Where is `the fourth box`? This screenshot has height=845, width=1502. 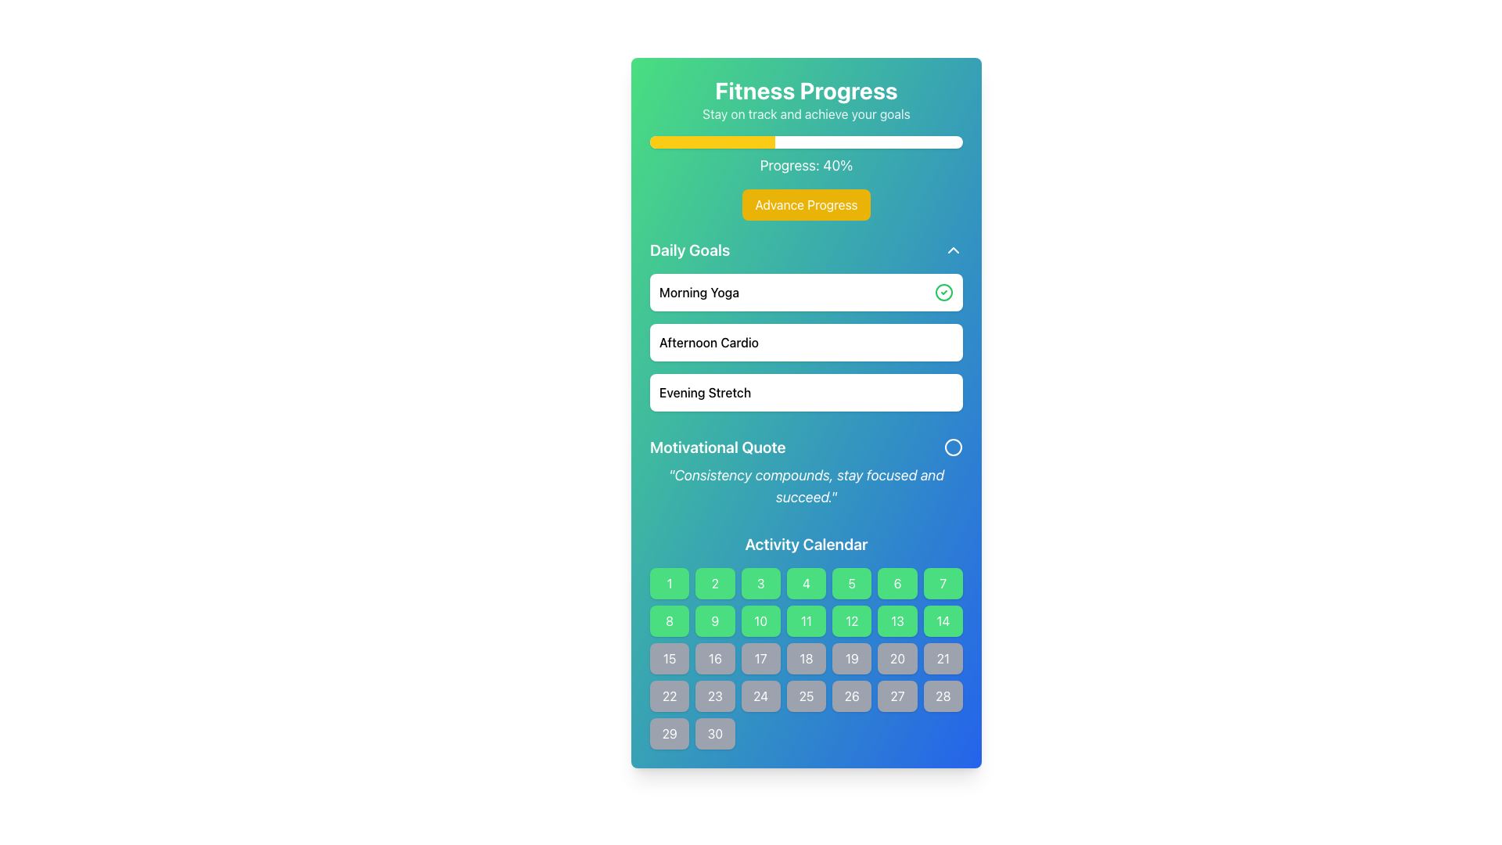 the fourth box is located at coordinates (807, 583).